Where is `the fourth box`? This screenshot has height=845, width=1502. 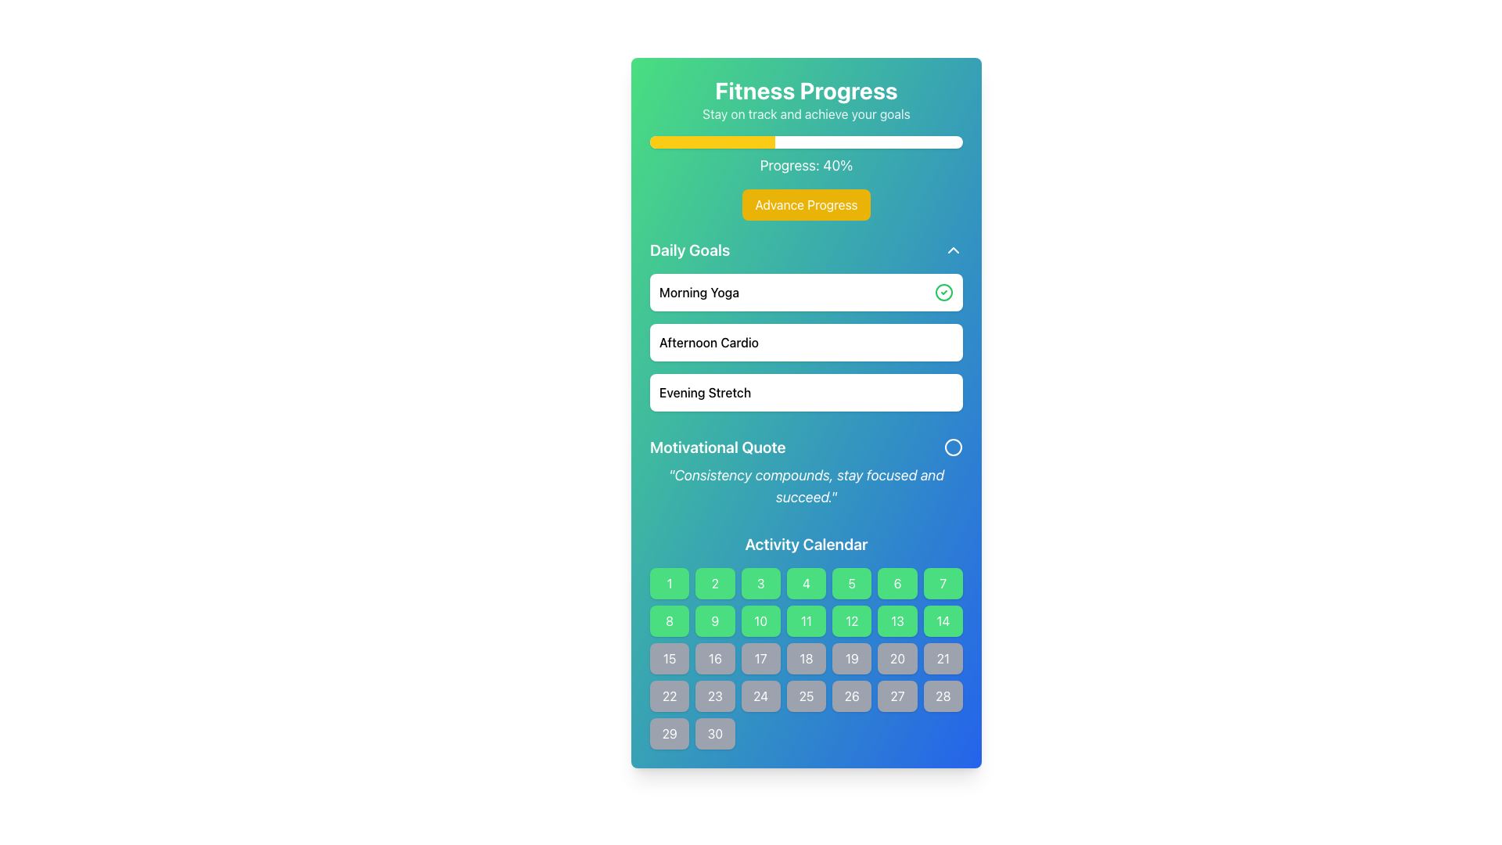 the fourth box is located at coordinates (807, 583).